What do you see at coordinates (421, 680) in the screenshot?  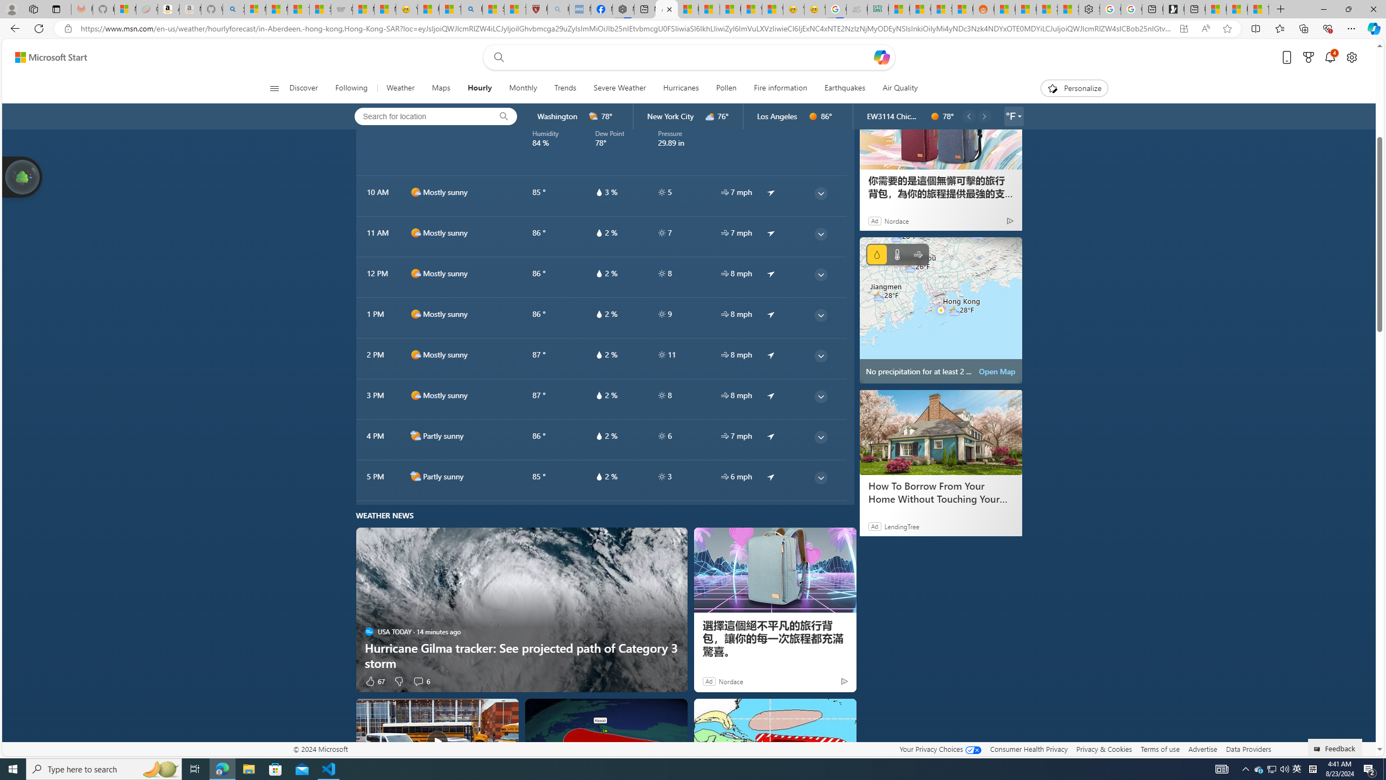 I see `'View comments 6 Comment'` at bounding box center [421, 680].